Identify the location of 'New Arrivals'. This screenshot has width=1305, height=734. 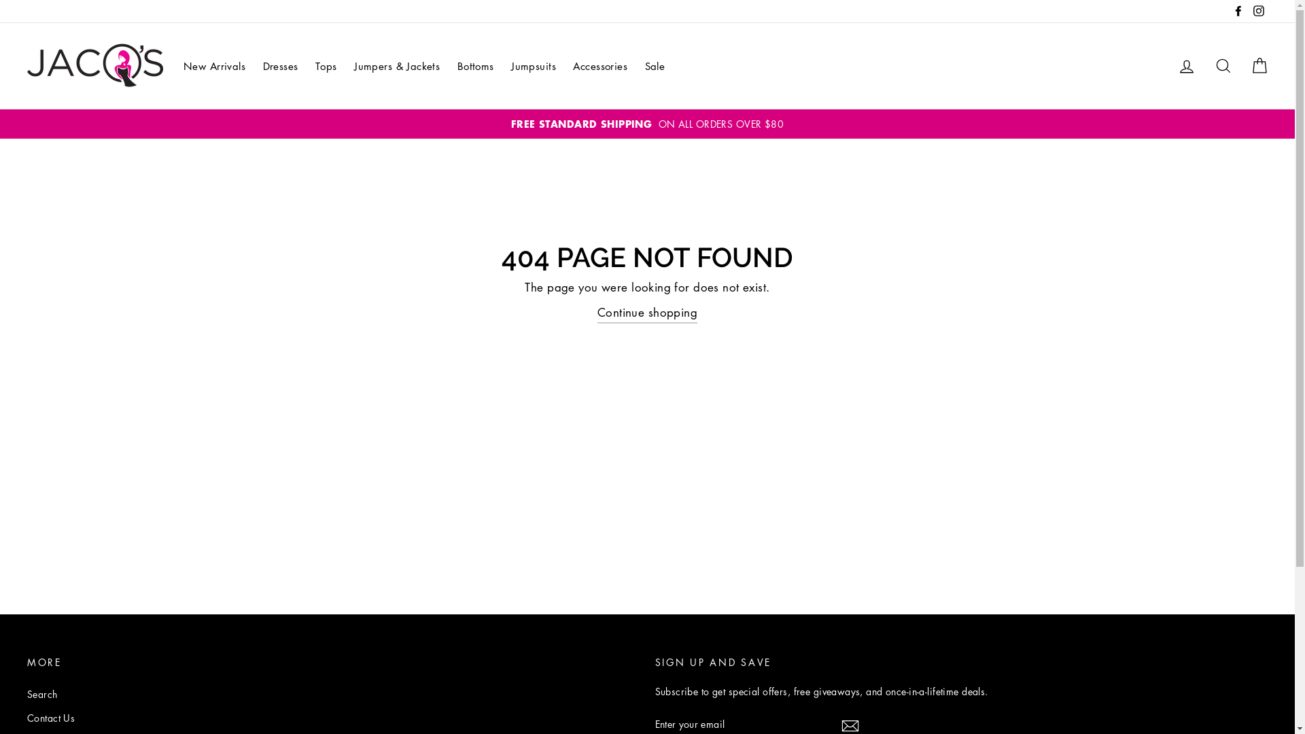
(175, 66).